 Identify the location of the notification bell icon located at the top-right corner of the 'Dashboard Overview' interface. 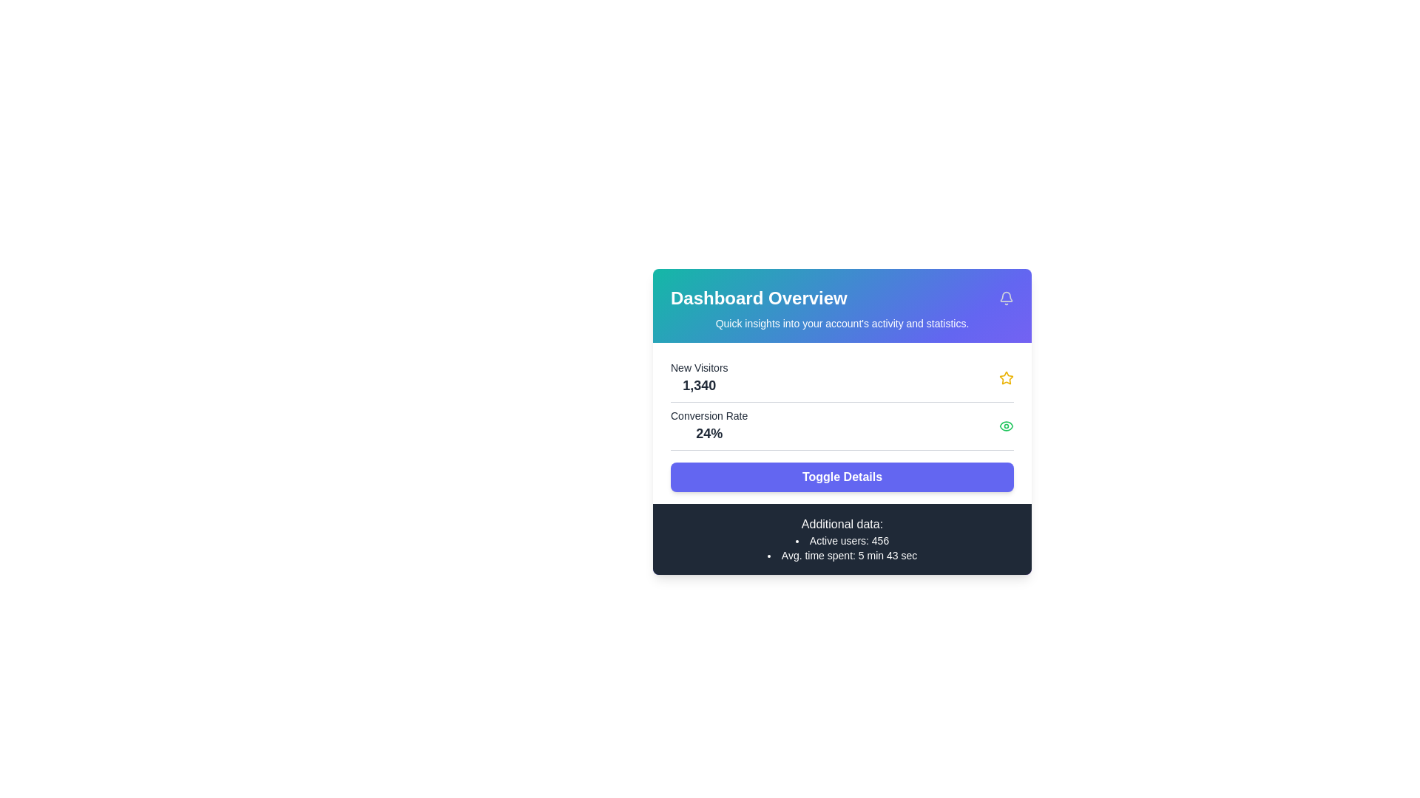
(1006, 299).